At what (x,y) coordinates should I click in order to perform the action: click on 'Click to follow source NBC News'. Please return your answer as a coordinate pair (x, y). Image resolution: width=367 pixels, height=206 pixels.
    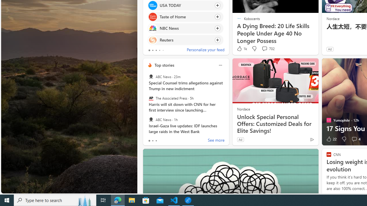
    Looking at the image, I should click on (186, 28).